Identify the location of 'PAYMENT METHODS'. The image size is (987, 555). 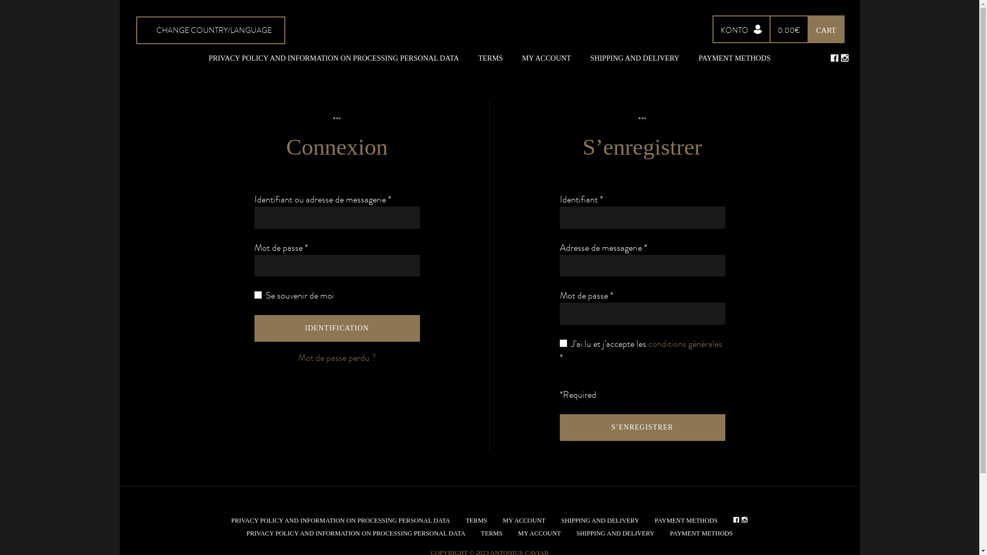
(686, 521).